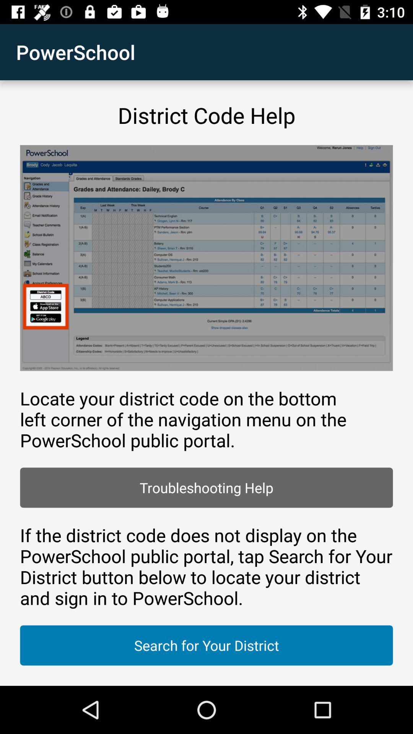 This screenshot has height=734, width=413. I want to click on troubleshooting help item, so click(206, 487).